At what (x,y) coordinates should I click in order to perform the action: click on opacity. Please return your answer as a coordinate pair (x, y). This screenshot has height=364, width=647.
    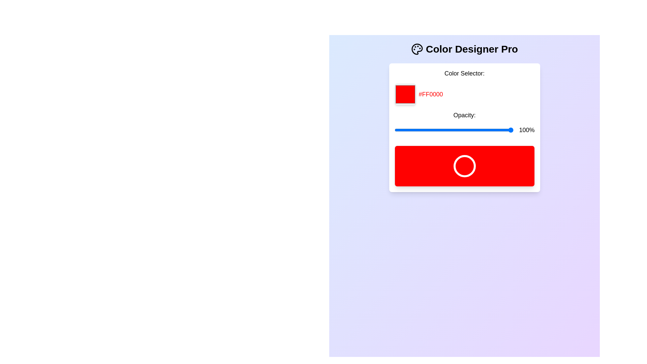
    Looking at the image, I should click on (452, 130).